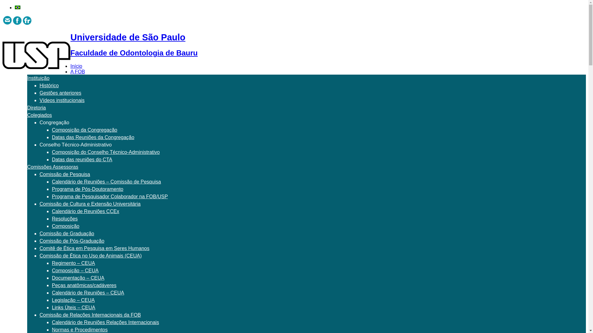 The height and width of the screenshot is (333, 593). What do you see at coordinates (27, 115) in the screenshot?
I see `'Colegiados'` at bounding box center [27, 115].